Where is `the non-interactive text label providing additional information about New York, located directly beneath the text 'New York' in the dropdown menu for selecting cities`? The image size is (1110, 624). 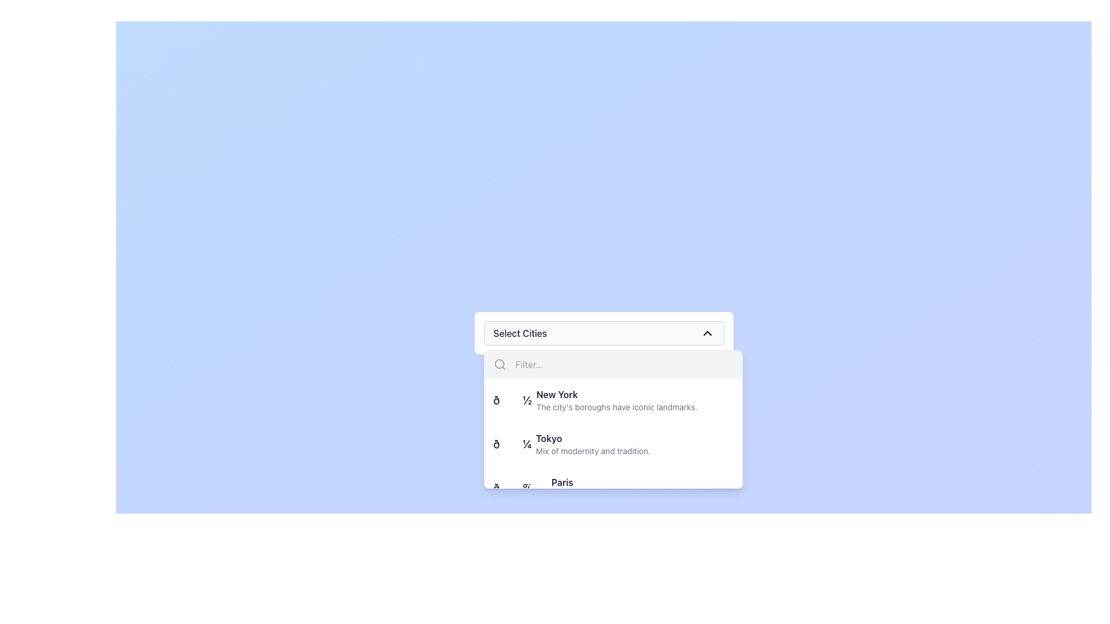
the non-interactive text label providing additional information about New York, located directly beneath the text 'New York' in the dropdown menu for selecting cities is located at coordinates (616, 407).